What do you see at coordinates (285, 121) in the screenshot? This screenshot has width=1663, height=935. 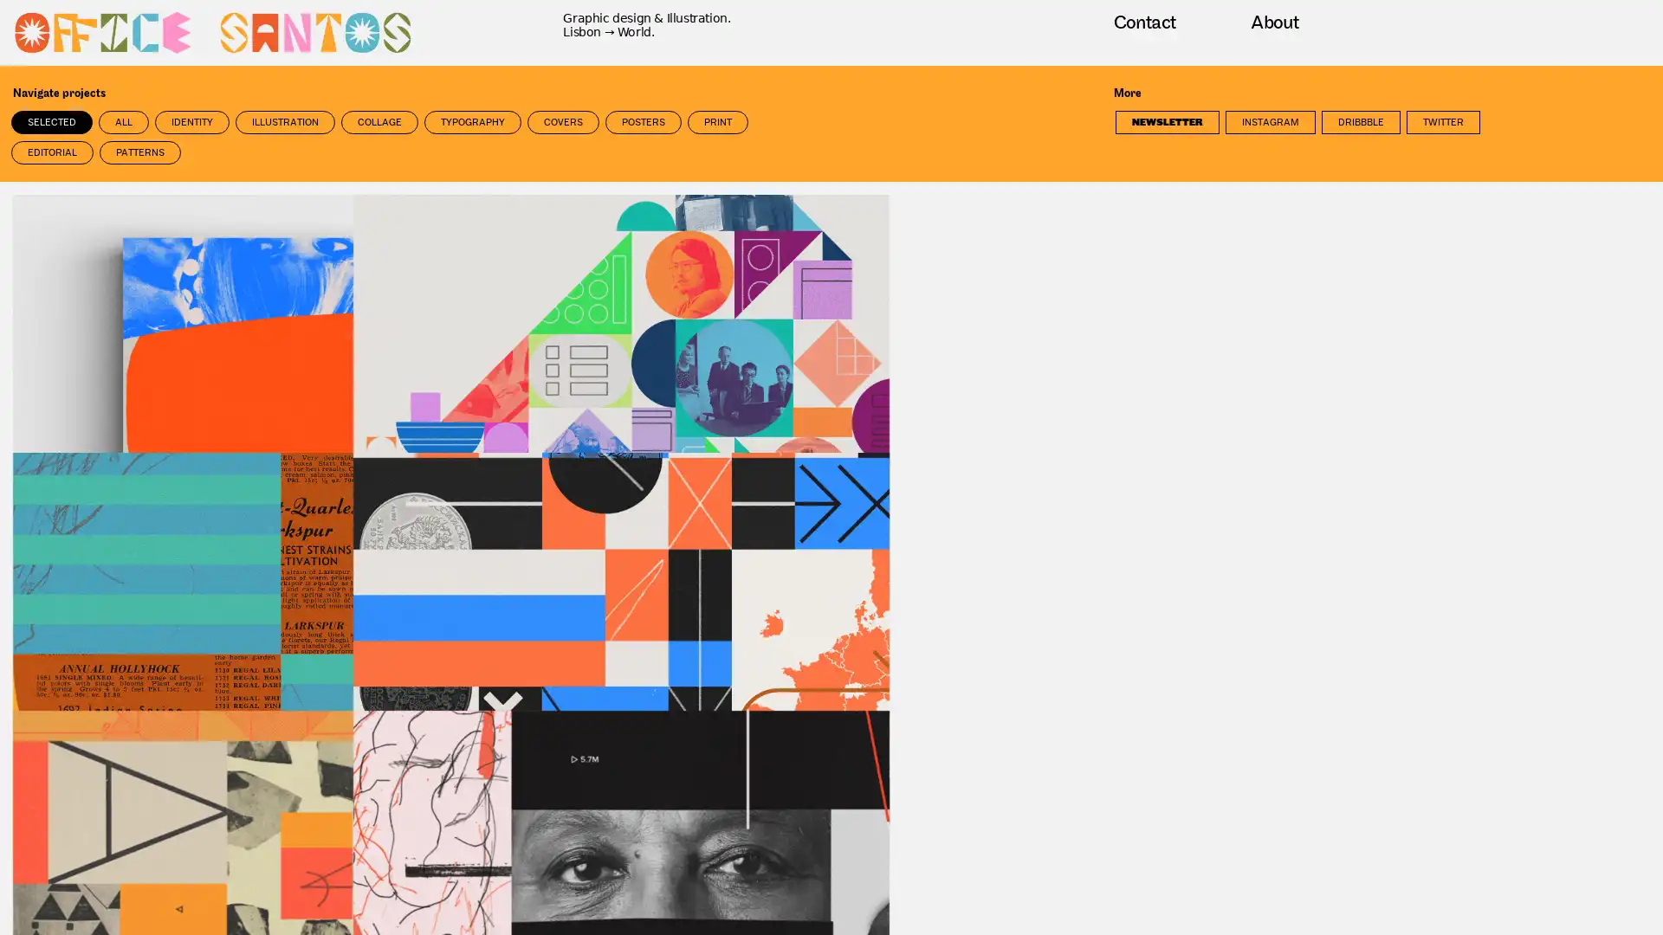 I see `ILLUSTRATION` at bounding box center [285, 121].